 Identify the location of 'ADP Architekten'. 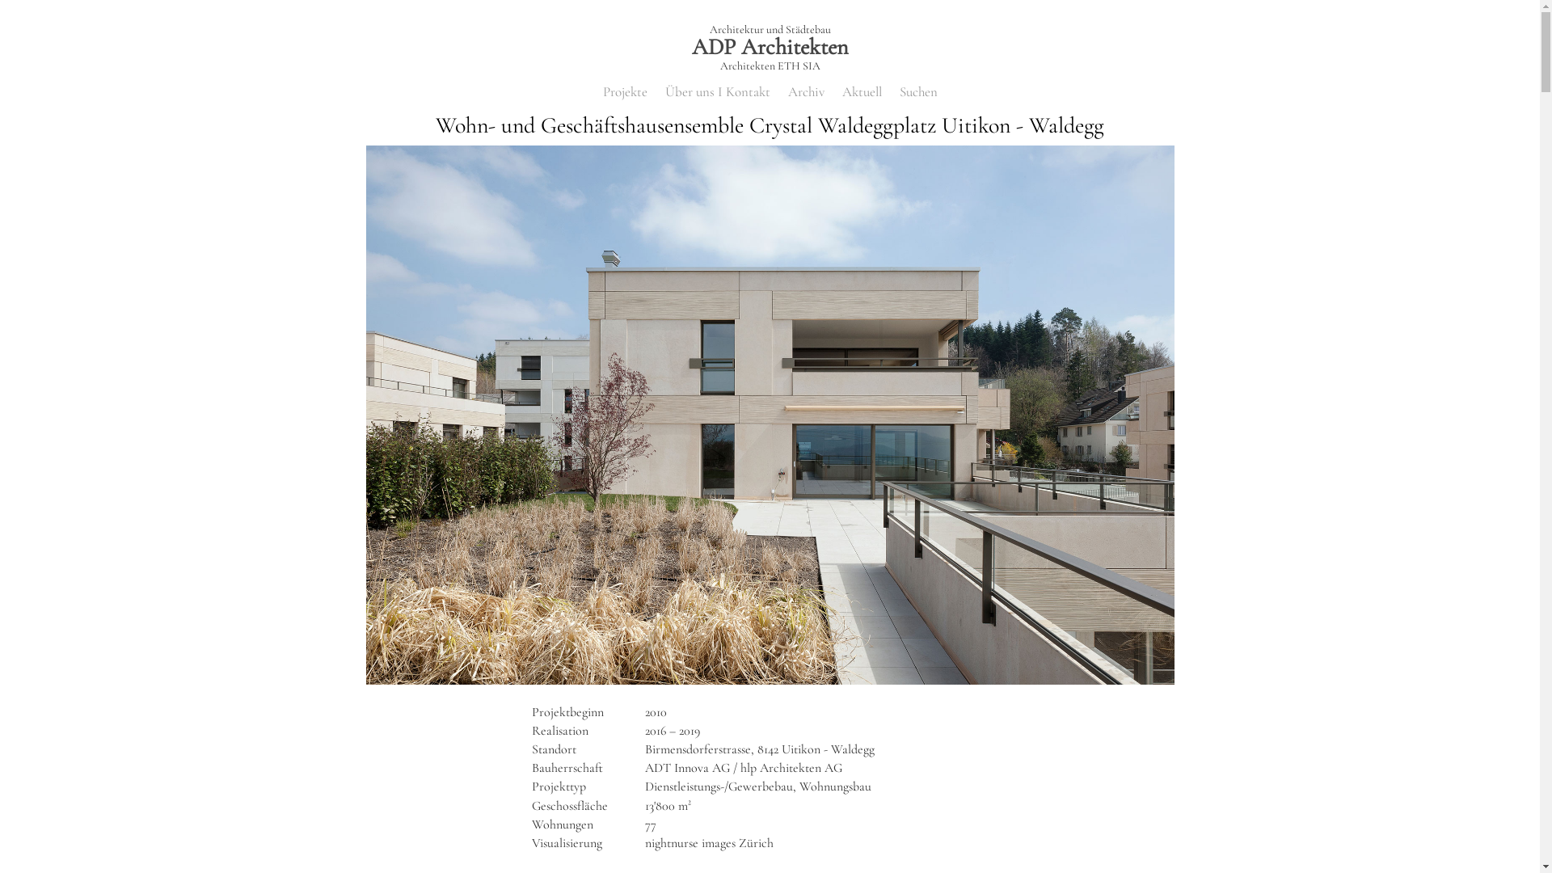
(768, 45).